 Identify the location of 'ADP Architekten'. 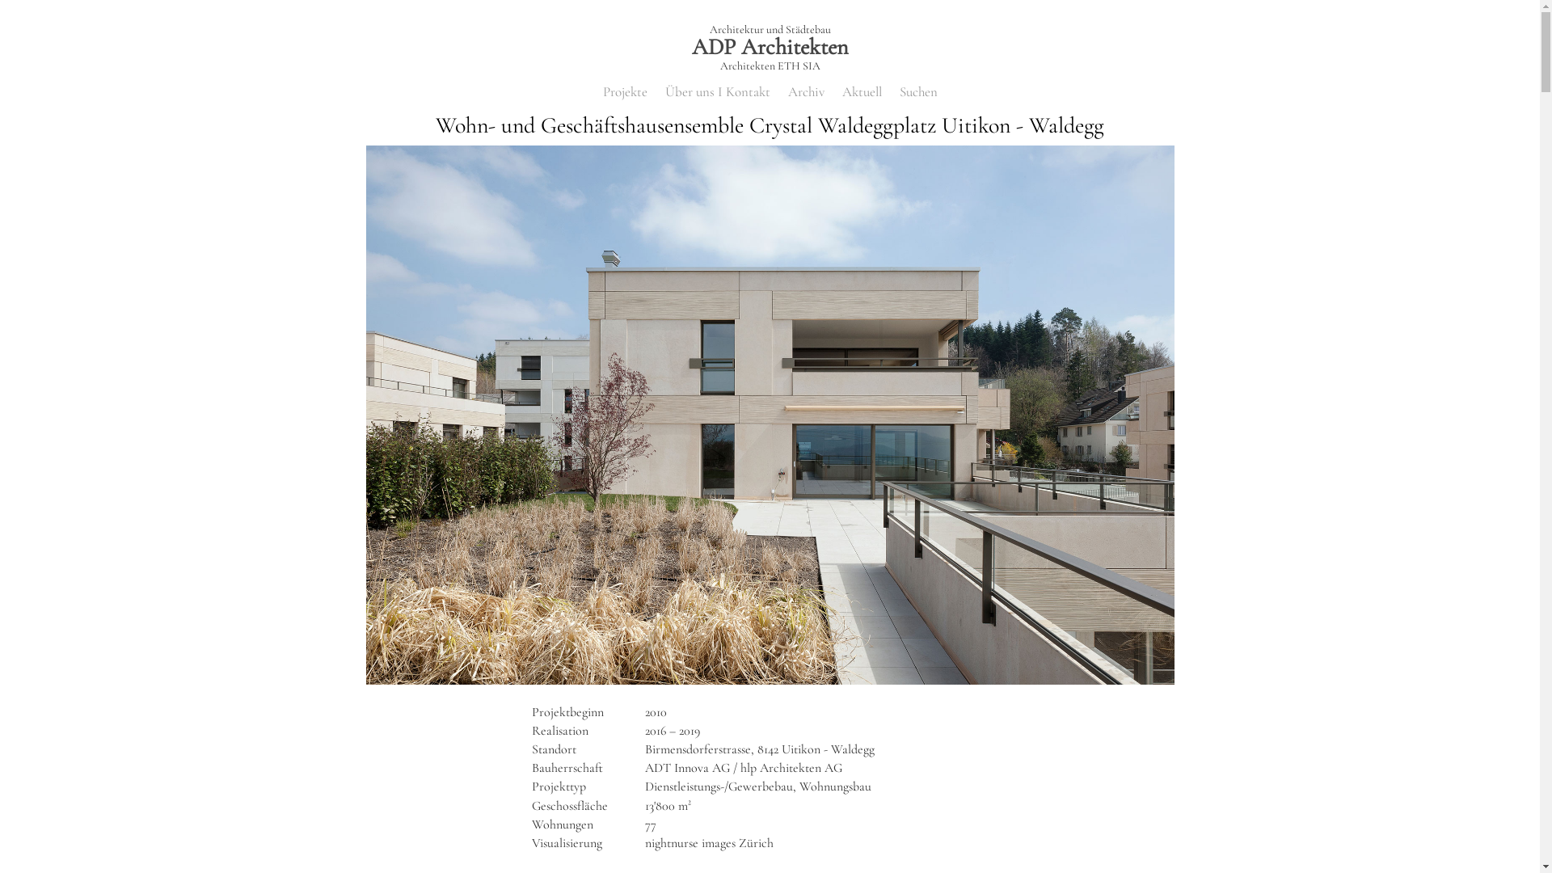
(768, 45).